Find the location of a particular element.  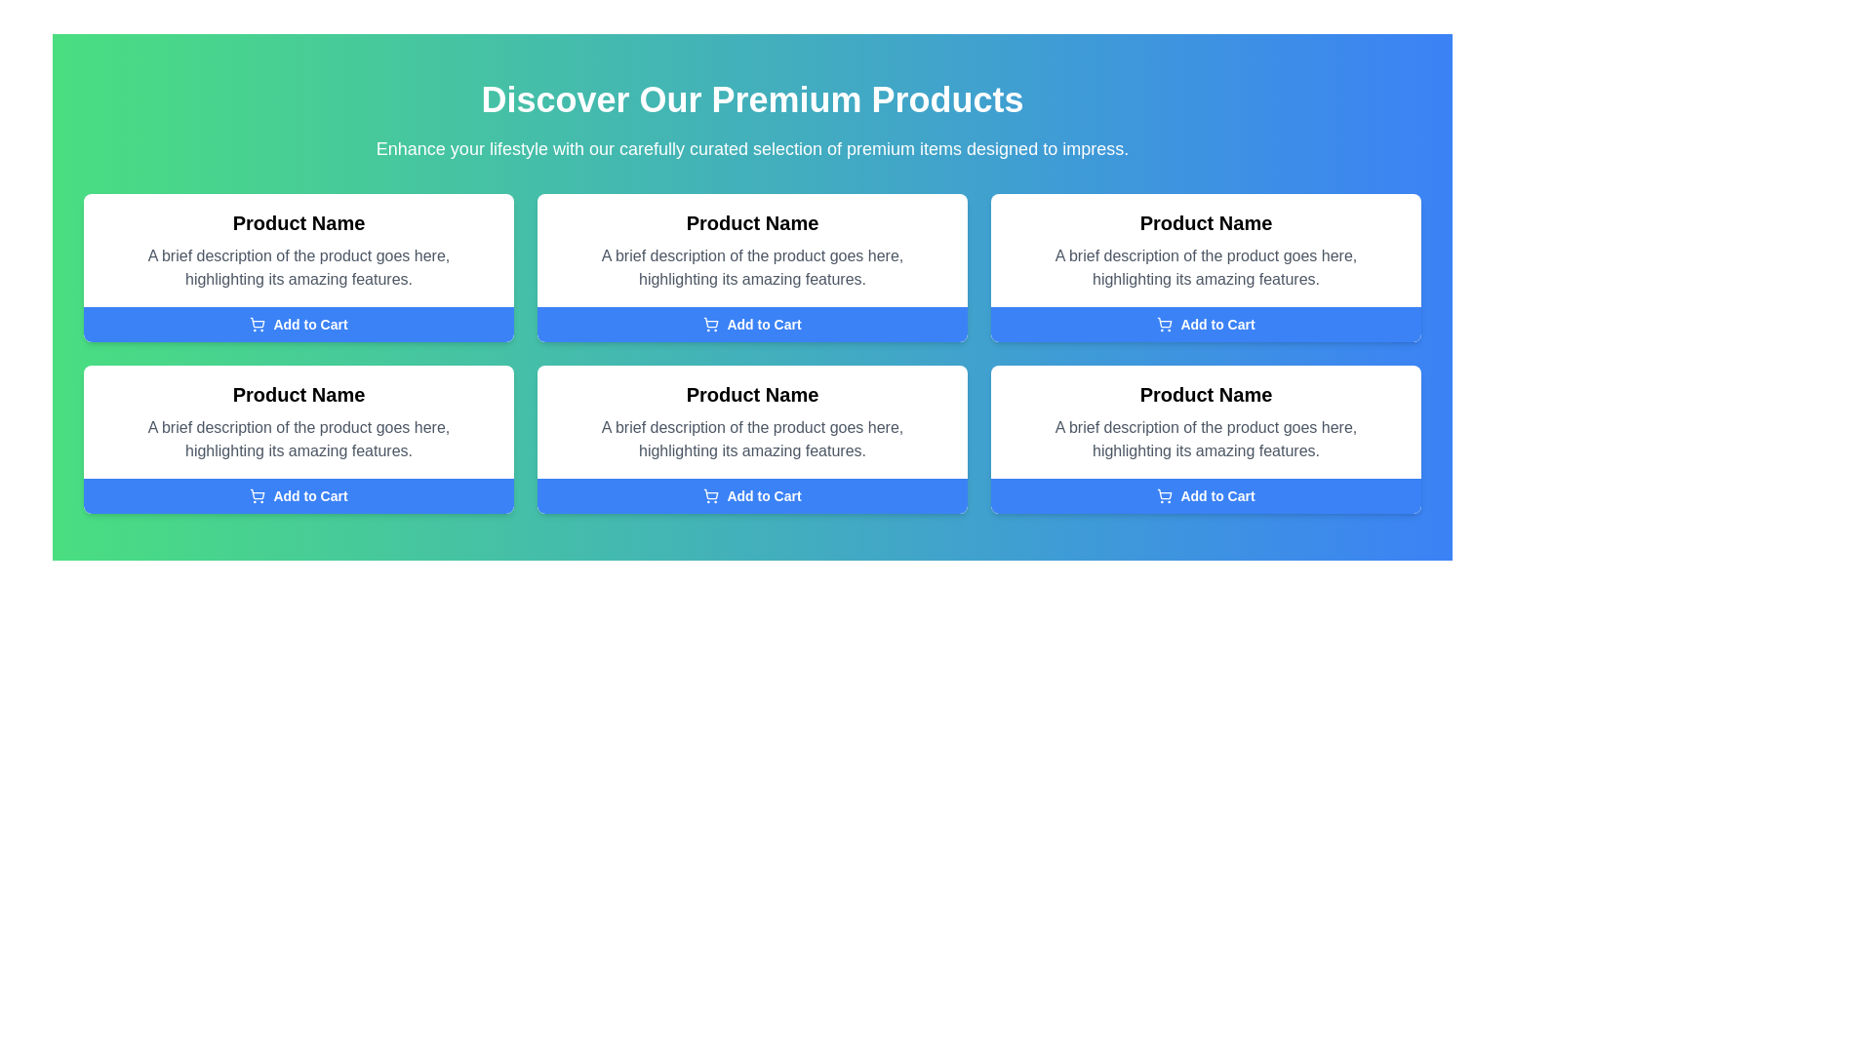

the text element displaying 'Product Name' located at the top of the second card in the top row of a grid layout is located at coordinates (1205, 221).